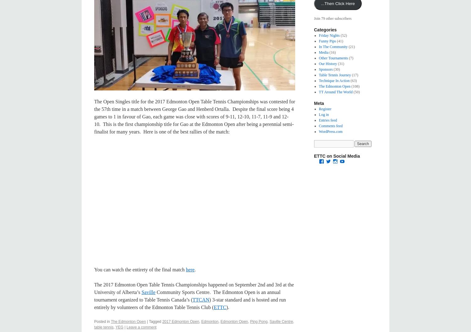 The height and width of the screenshot is (332, 471). I want to click on '(50)', so click(352, 92).